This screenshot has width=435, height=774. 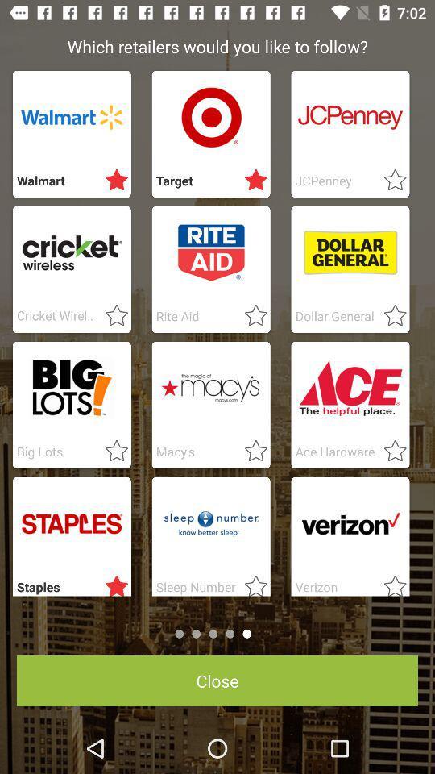 What do you see at coordinates (251, 181) in the screenshot?
I see `remove from favorites` at bounding box center [251, 181].